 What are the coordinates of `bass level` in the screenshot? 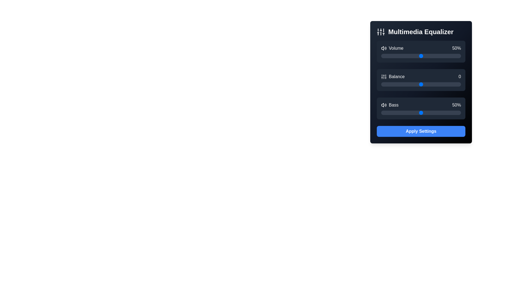 It's located at (402, 112).